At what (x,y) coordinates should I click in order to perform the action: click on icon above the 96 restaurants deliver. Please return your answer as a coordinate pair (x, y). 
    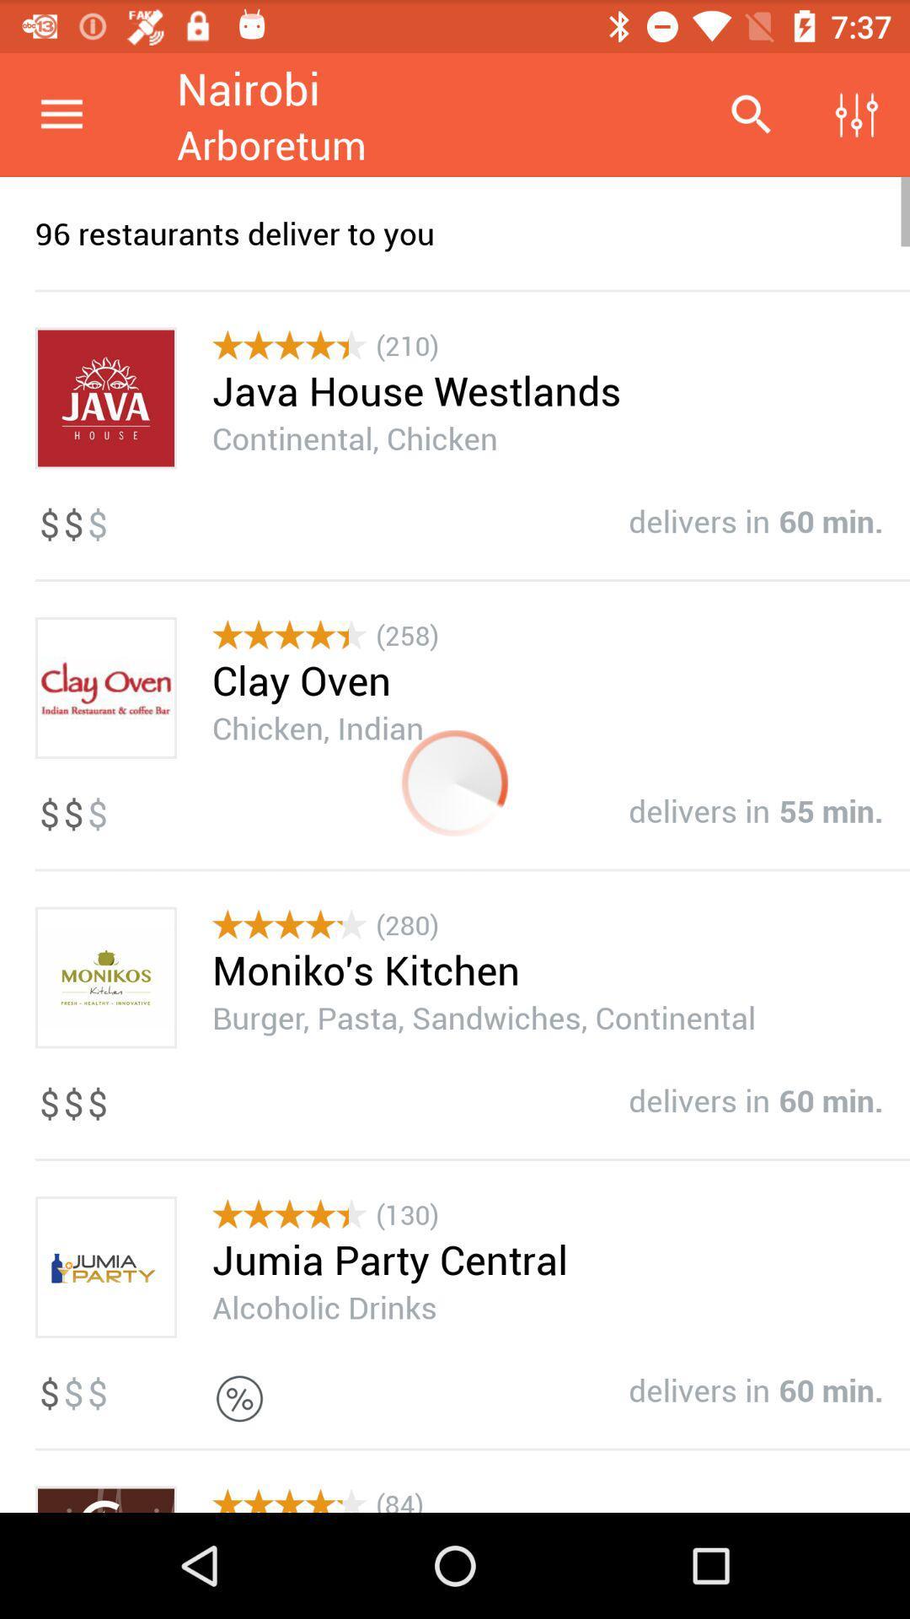
    Looking at the image, I should click on (750, 114).